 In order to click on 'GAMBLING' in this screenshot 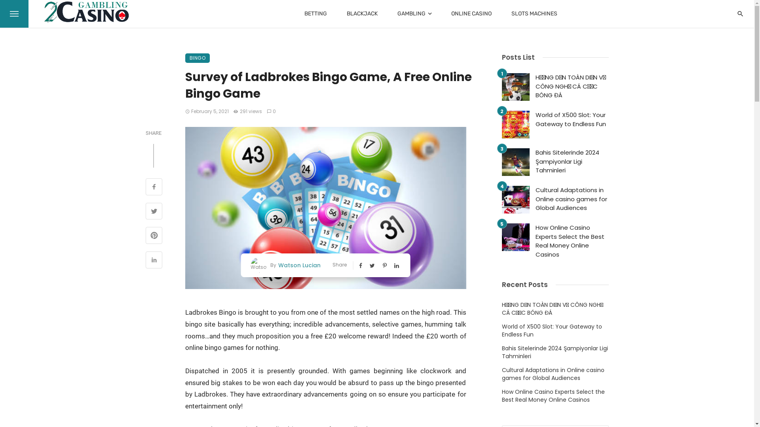, I will do `click(414, 13)`.